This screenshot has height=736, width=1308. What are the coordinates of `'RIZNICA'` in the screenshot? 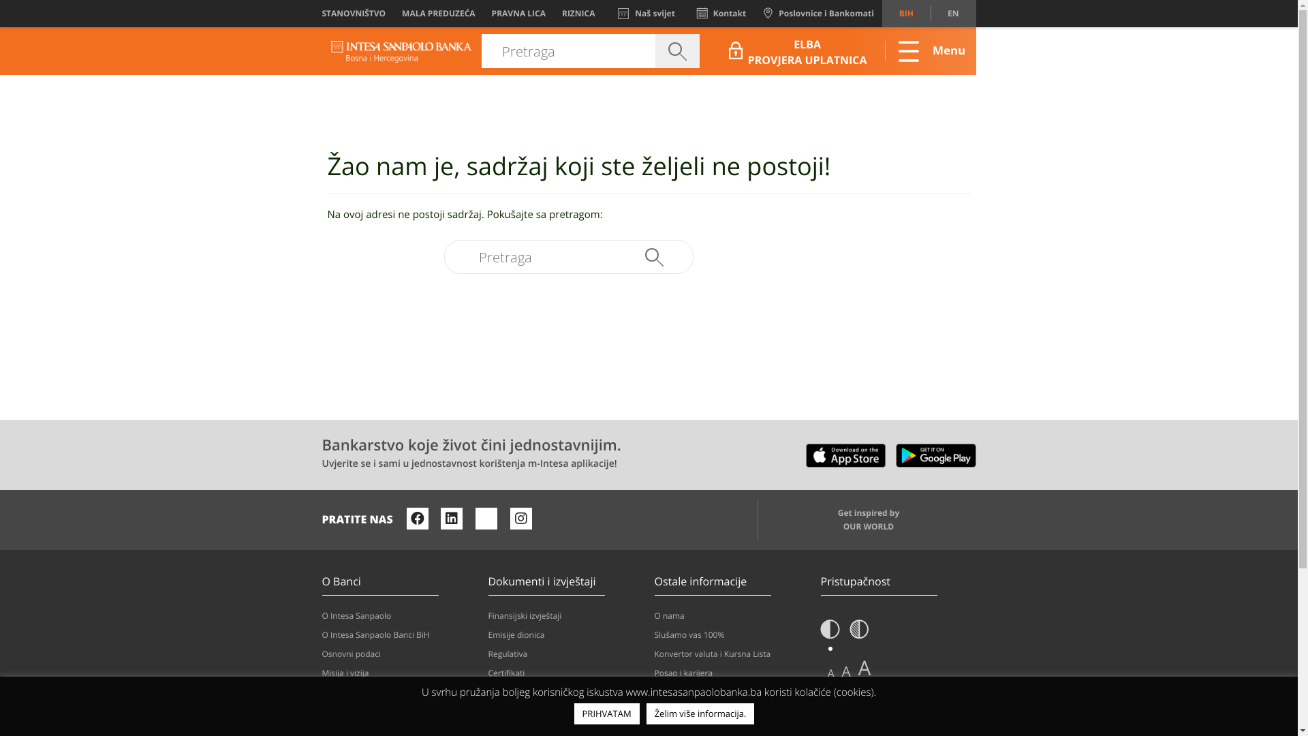 It's located at (578, 13).